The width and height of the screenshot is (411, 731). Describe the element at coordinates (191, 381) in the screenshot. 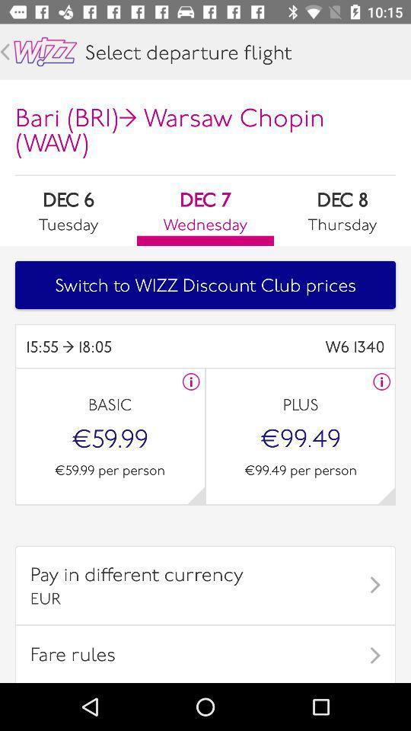

I see `rate information` at that location.